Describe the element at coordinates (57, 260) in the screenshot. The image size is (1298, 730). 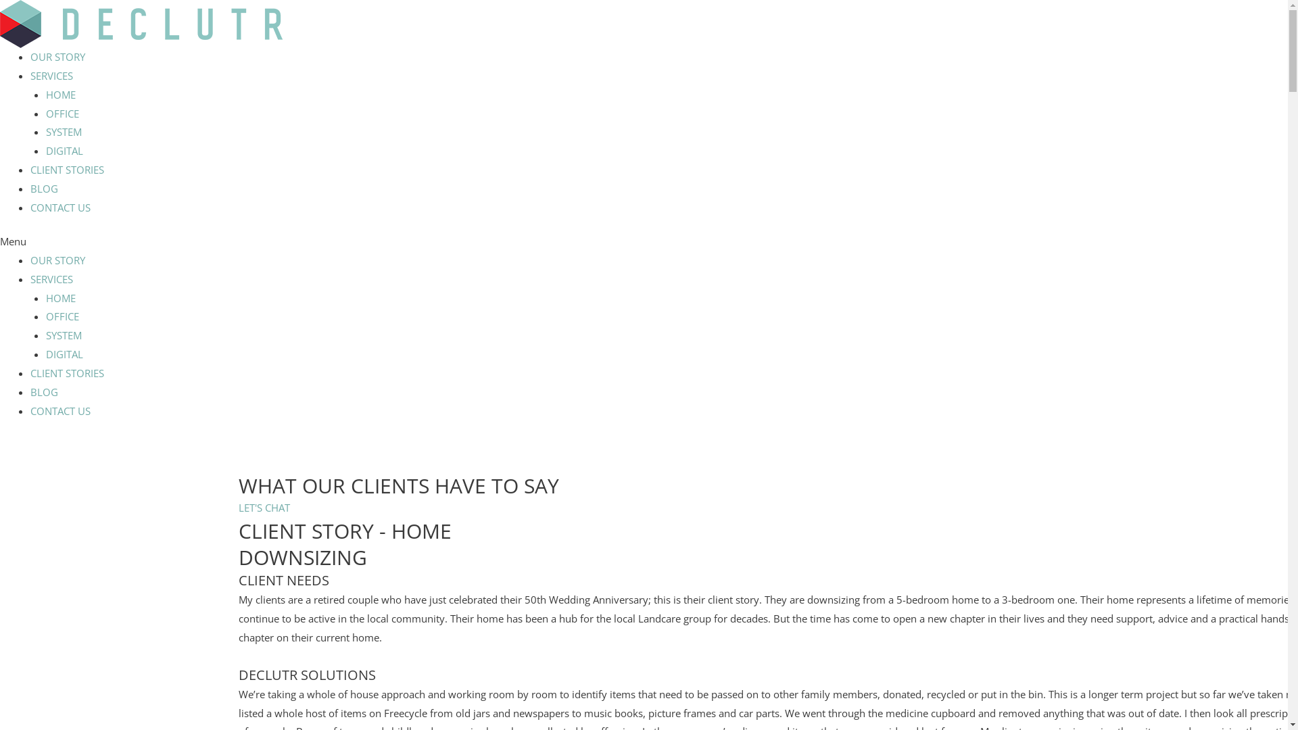
I see `'OUR STORY'` at that location.